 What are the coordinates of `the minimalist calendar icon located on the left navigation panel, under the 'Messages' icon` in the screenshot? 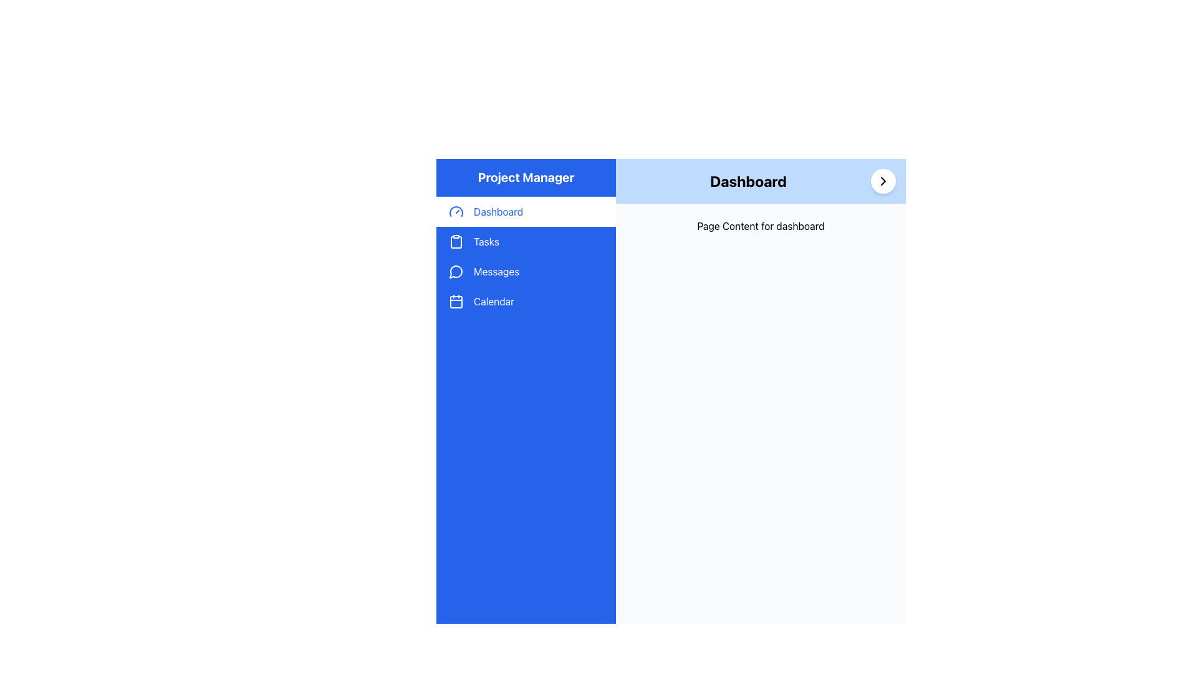 It's located at (455, 301).